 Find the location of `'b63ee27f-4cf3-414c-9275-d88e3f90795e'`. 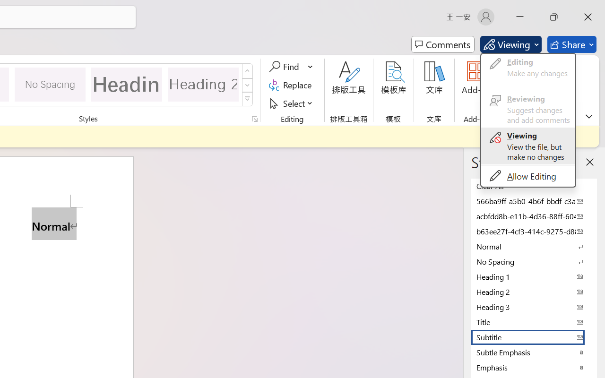

'b63ee27f-4cf3-414c-9275-d88e3f90795e' is located at coordinates (534, 231).